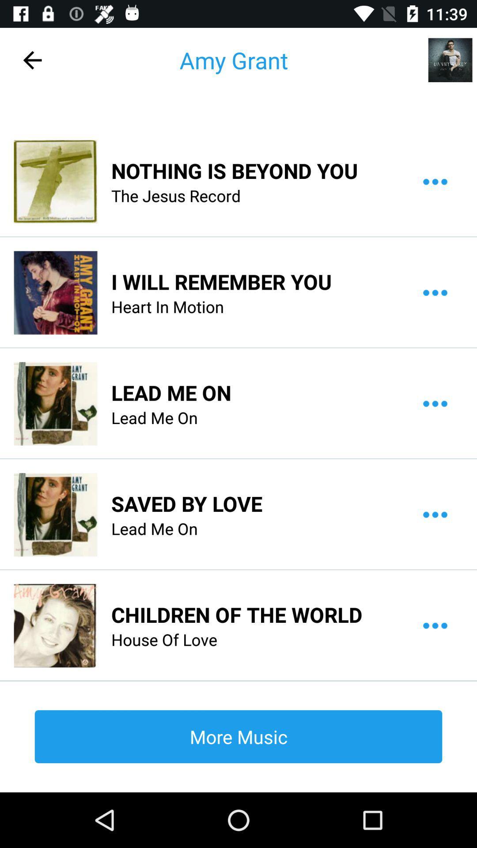 This screenshot has height=848, width=477. I want to click on the icon below nothing is beyond, so click(176, 195).